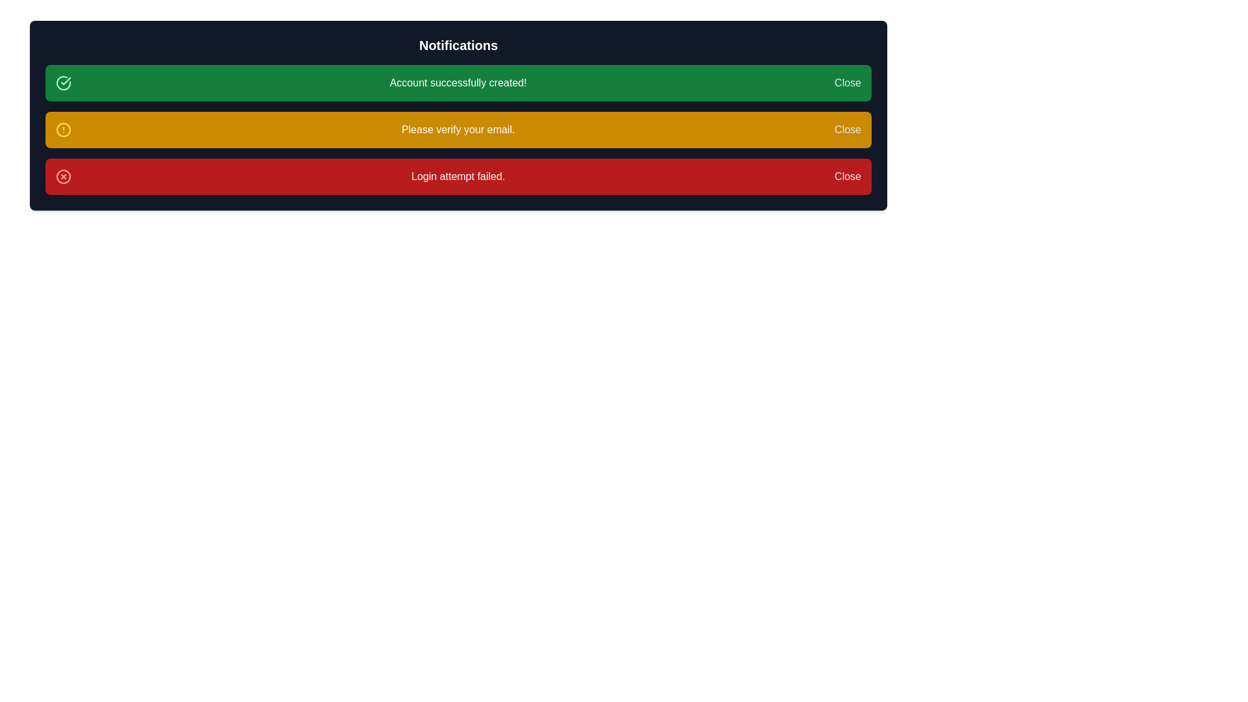 The image size is (1248, 702). What do you see at coordinates (458, 177) in the screenshot?
I see `the 'Login attempt failed.' notification alert text, which is the third notification in the list, to select it if selectable` at bounding box center [458, 177].